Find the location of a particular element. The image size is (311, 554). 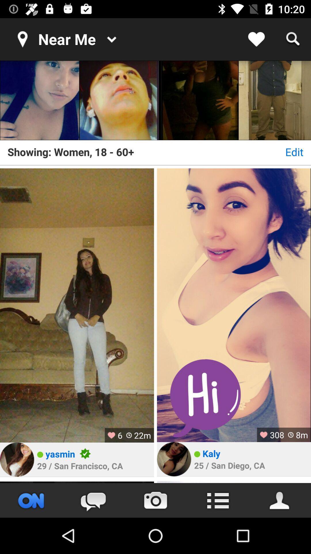

the button which is next to the on is located at coordinates (93, 500).